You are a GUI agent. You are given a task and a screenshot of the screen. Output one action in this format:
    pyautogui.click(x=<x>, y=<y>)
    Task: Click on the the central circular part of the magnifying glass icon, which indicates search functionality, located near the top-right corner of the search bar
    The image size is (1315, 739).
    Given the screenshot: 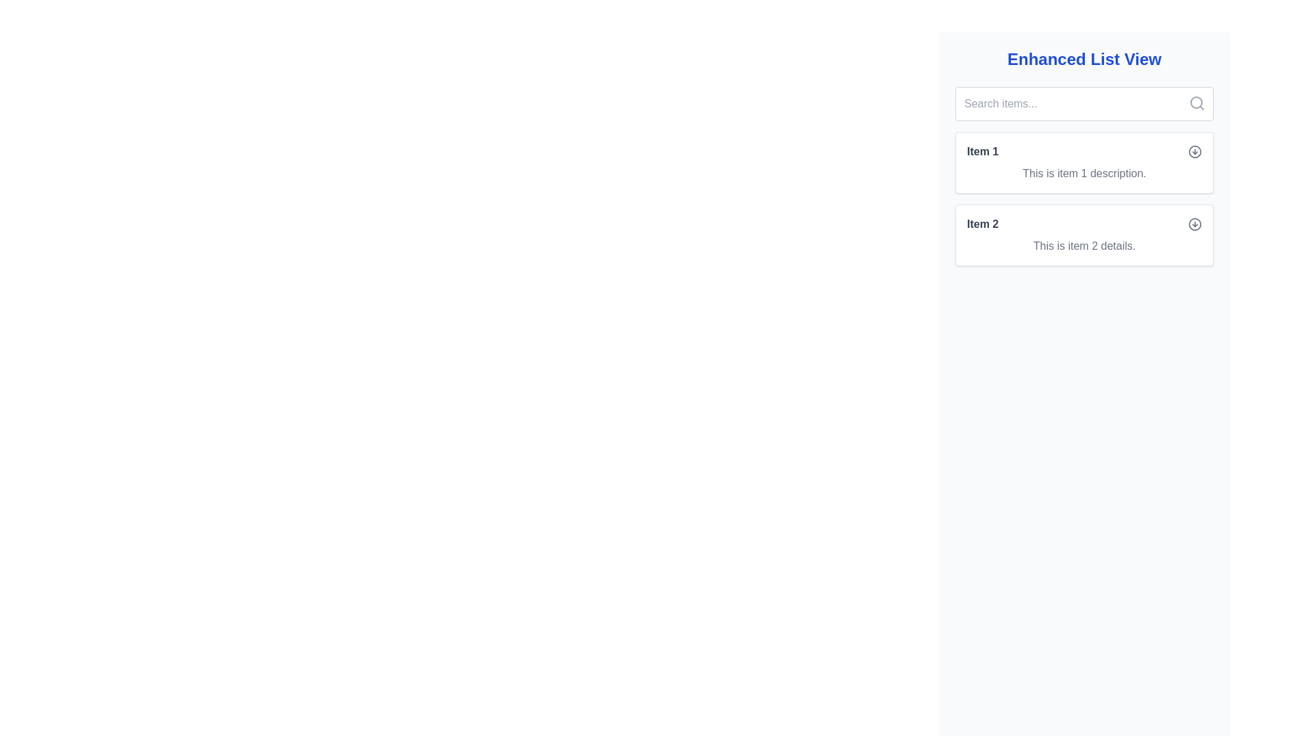 What is the action you would take?
    pyautogui.click(x=1196, y=102)
    